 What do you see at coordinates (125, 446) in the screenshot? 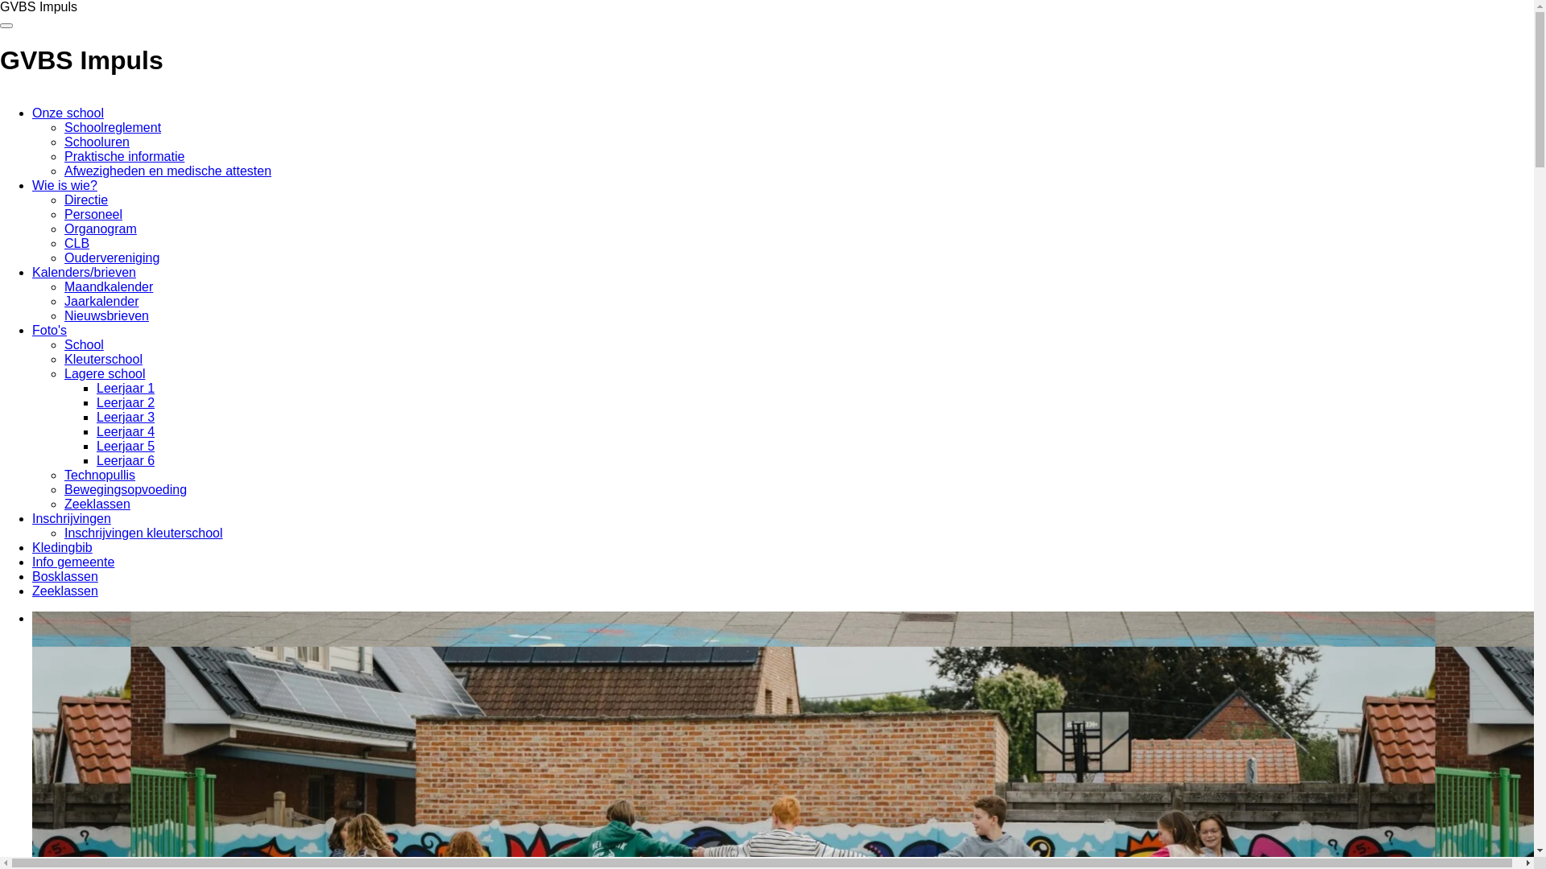
I see `'Leerjaar 5'` at bounding box center [125, 446].